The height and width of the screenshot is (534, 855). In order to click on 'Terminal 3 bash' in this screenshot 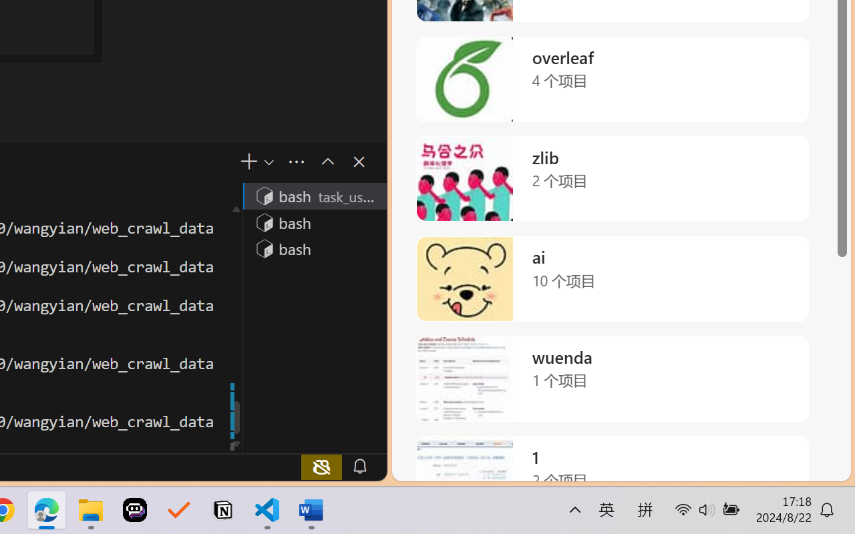, I will do `click(313, 248)`.